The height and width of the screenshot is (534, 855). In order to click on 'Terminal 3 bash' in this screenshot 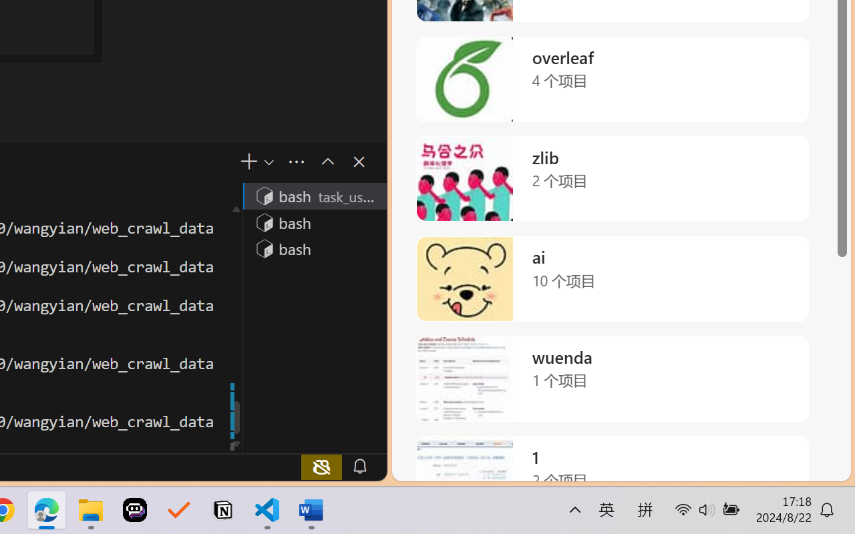, I will do `click(313, 248)`.